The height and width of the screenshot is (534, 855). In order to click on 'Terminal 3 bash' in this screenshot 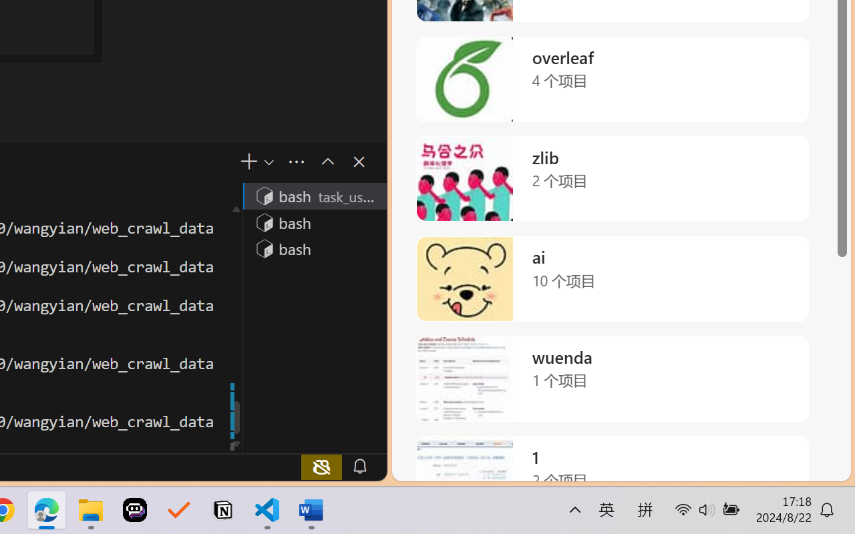, I will do `click(313, 248)`.